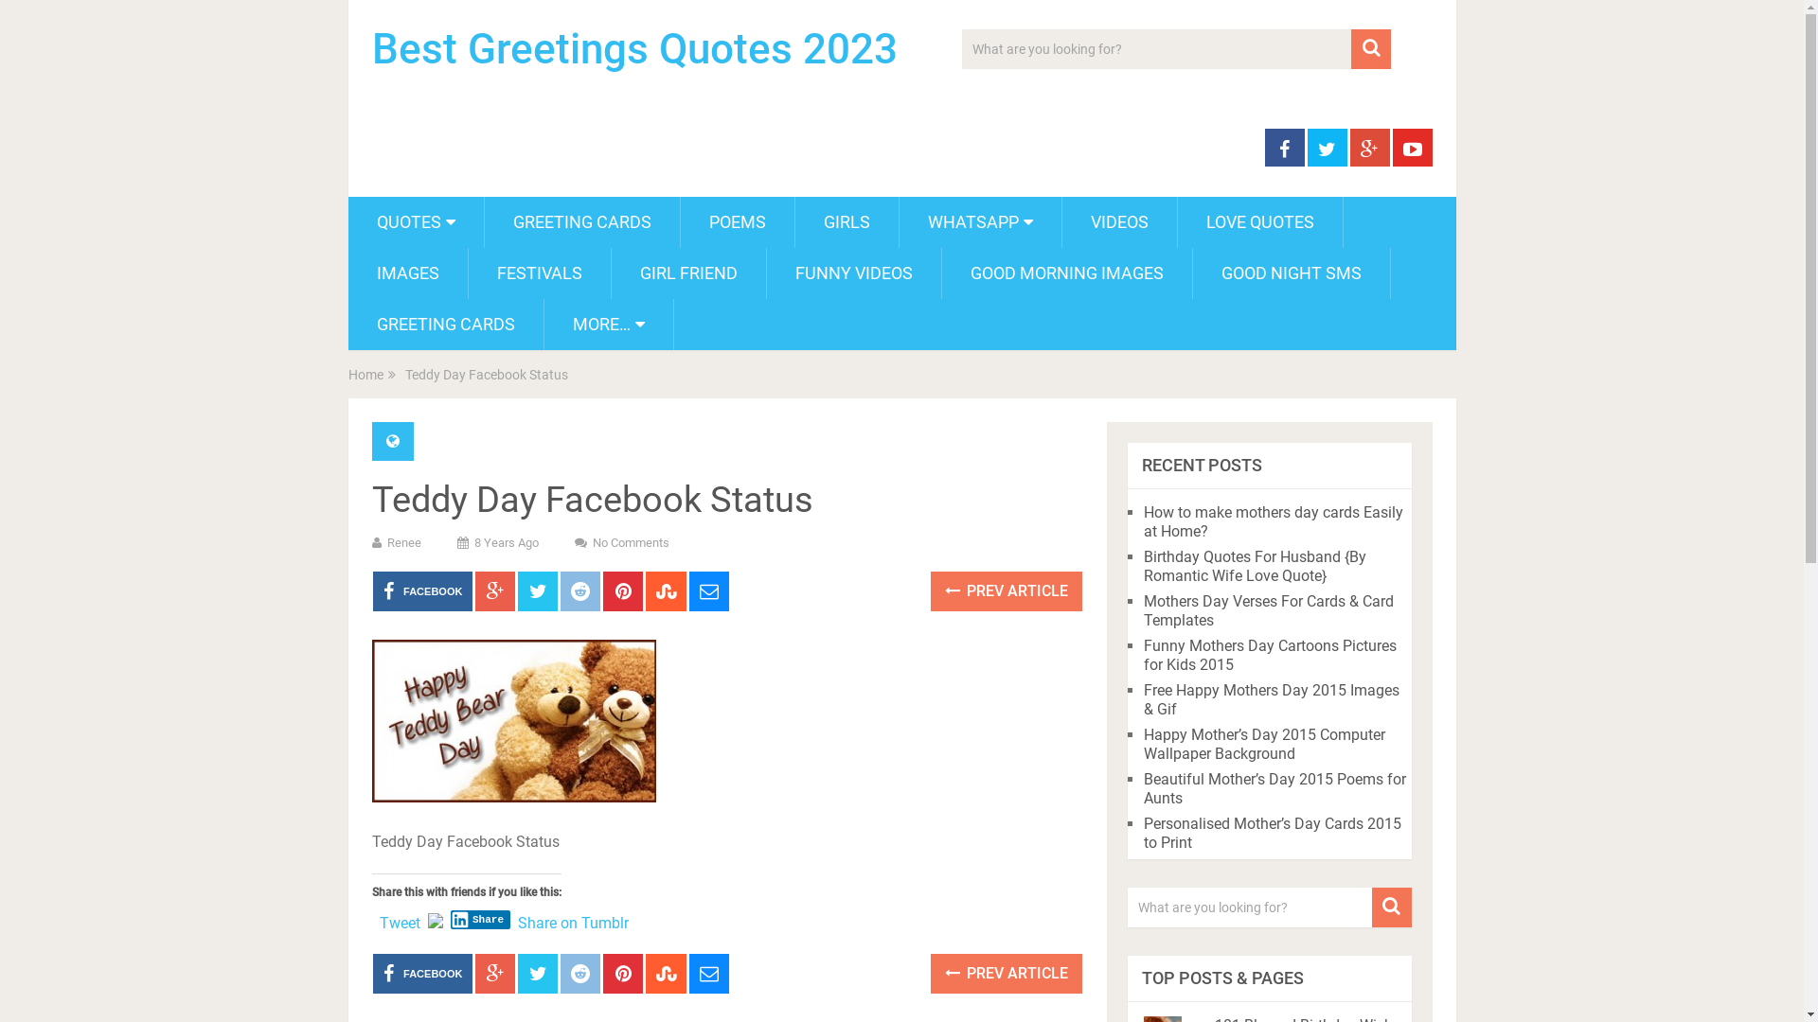 Image resolution: width=1818 pixels, height=1022 pixels. I want to click on 'GREETING CARDS', so click(348, 324).